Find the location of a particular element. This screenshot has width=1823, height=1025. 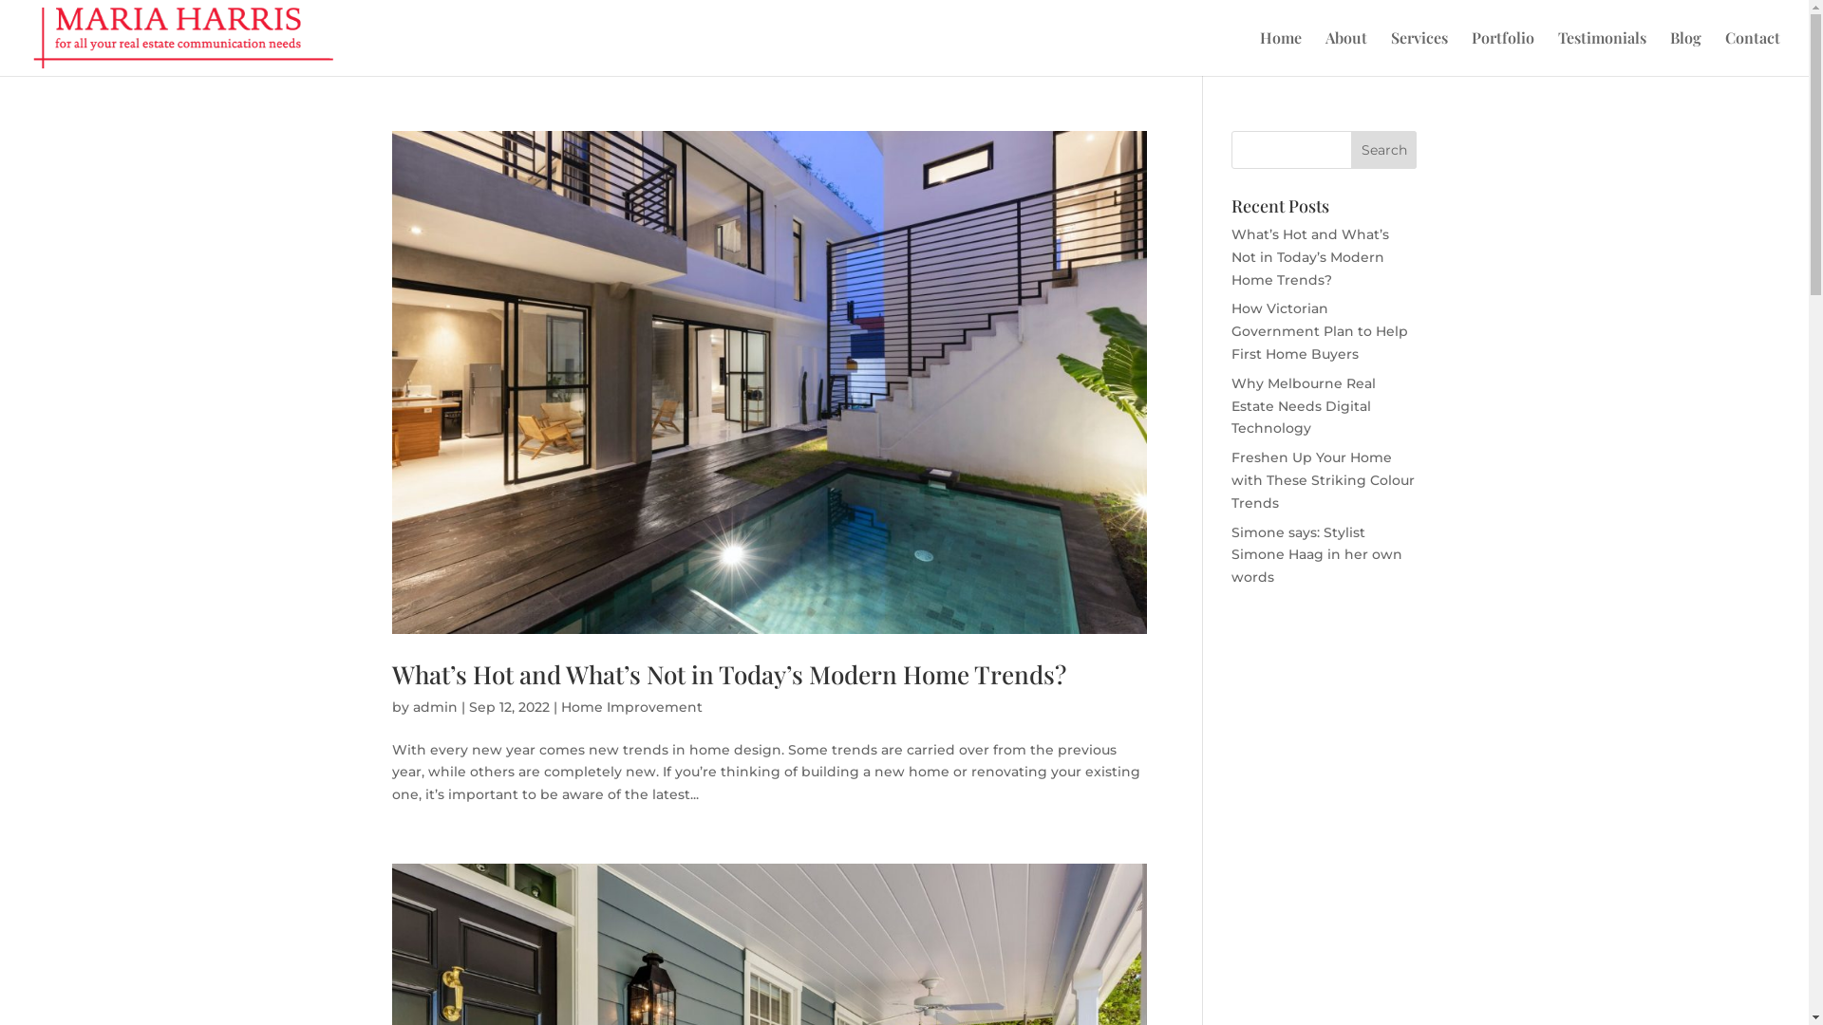

'Blog' is located at coordinates (1685, 52).